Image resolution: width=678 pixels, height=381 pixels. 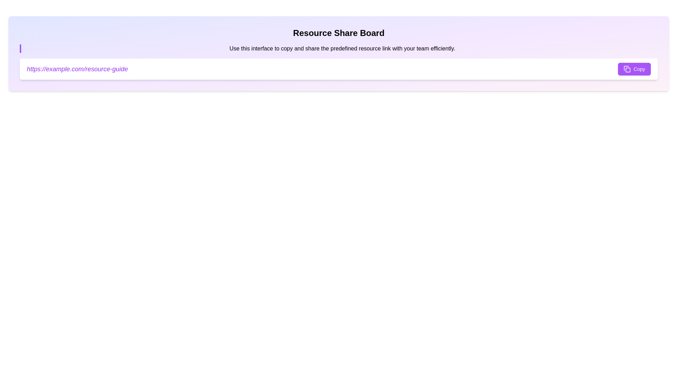 What do you see at coordinates (338, 48) in the screenshot?
I see `the Informational Text Block that contains the text 'Use this interface to copy and share the predefined resource link with your team efficiently.' which is located below the title 'Resource Share Board.'` at bounding box center [338, 48].